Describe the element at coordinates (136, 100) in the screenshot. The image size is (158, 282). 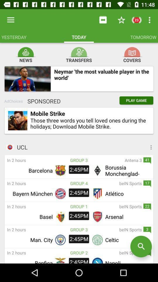
I see `play game icon` at that location.